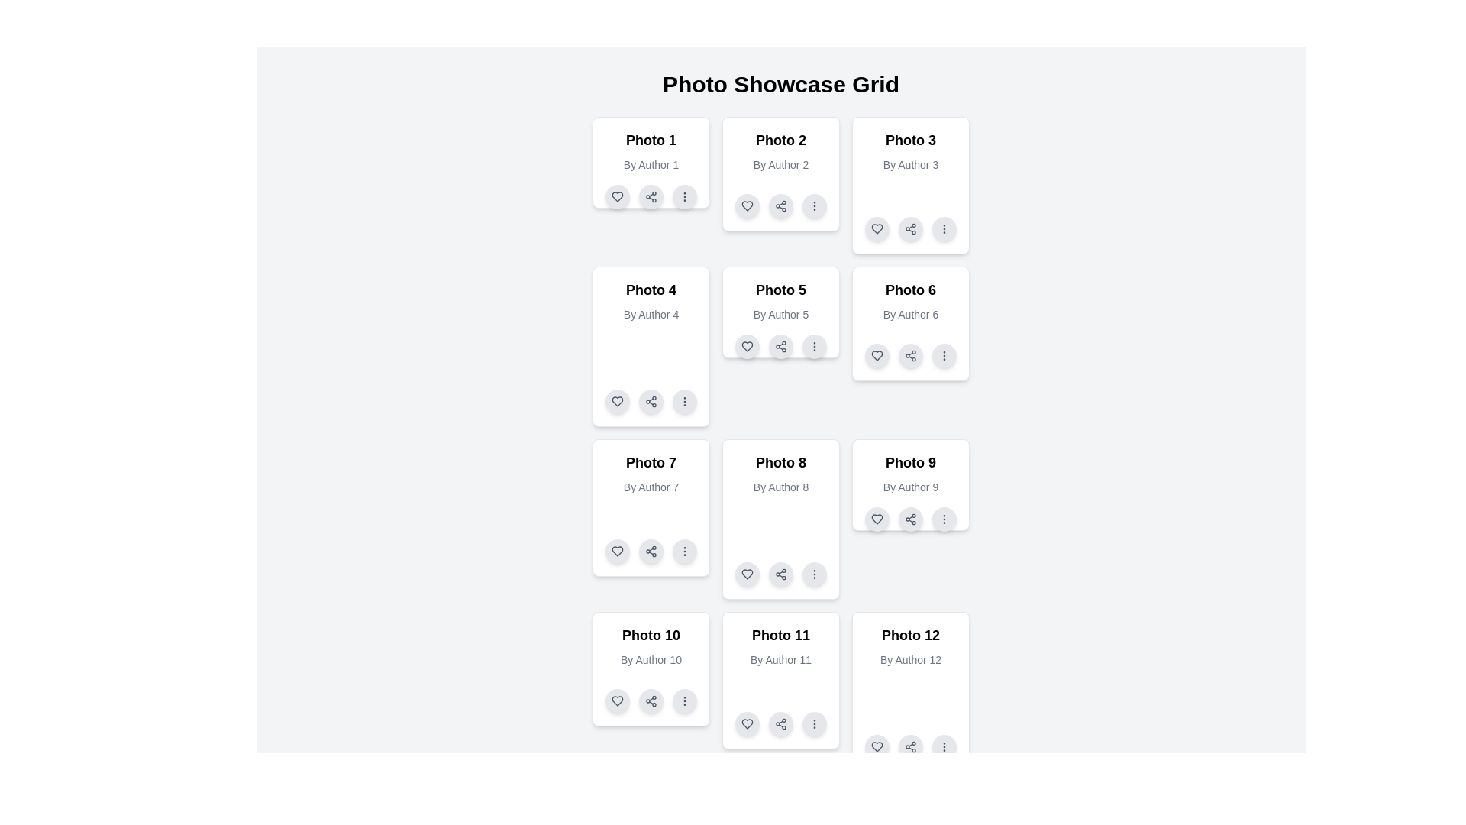 The width and height of the screenshot is (1466, 825). Describe the element at coordinates (684, 400) in the screenshot. I see `the third interactive button located at the far-right end of the button group at the bottom of the 'Photo 4' card` at that location.